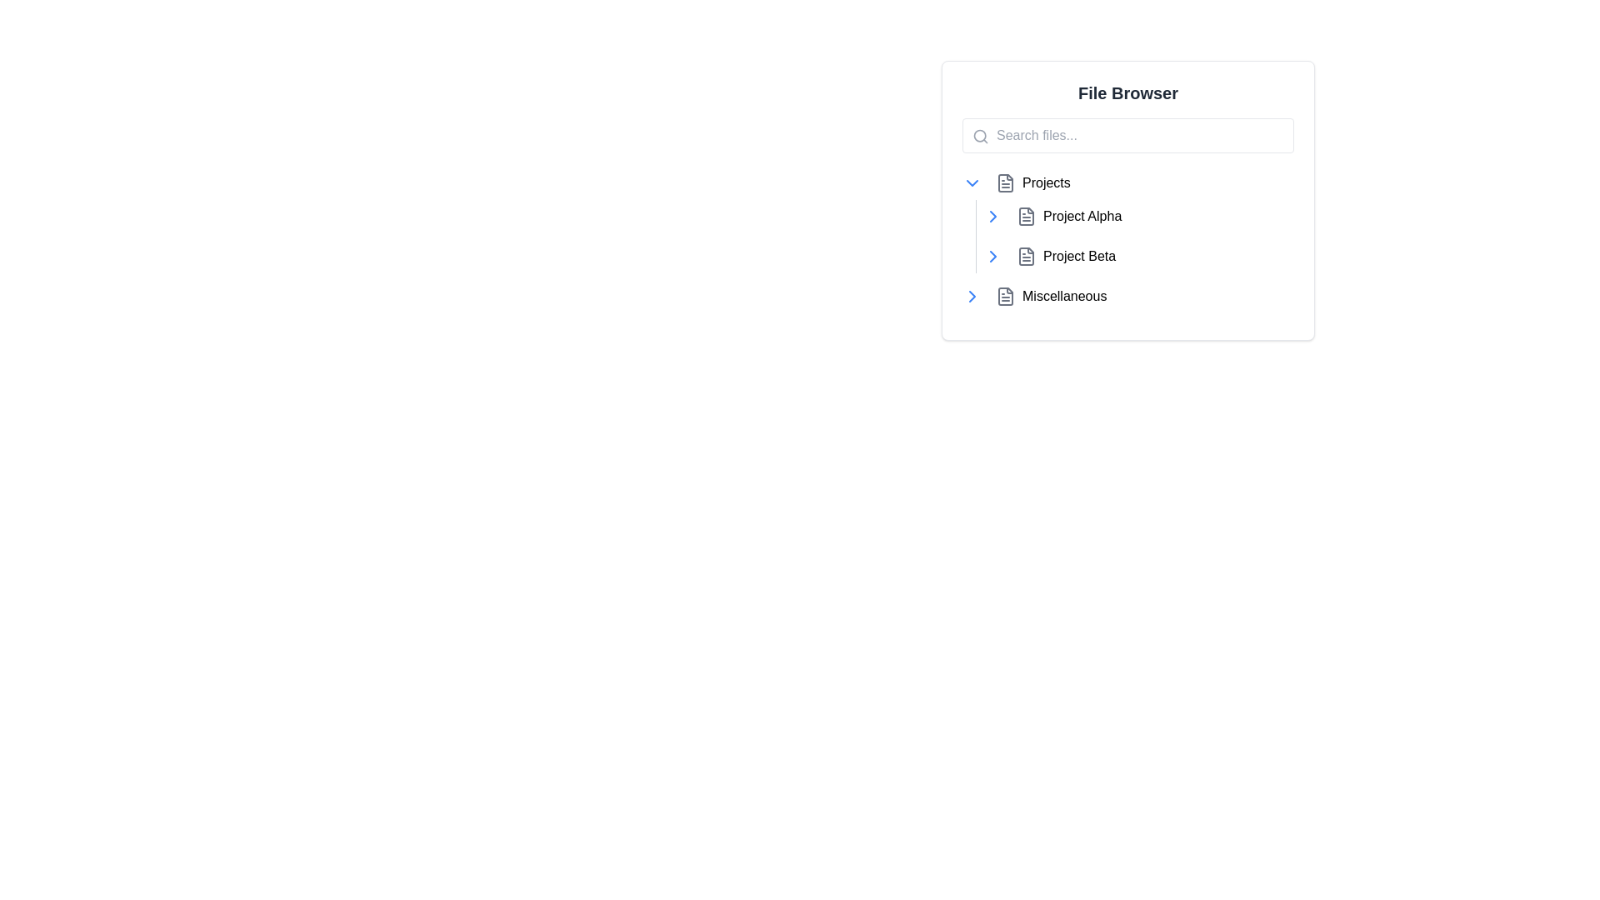 The image size is (1600, 900). What do you see at coordinates (1137, 215) in the screenshot?
I see `to select the list item named 'Project Alpha' located in the 'File Browser' panel, which is the first item under the 'Projects' section` at bounding box center [1137, 215].